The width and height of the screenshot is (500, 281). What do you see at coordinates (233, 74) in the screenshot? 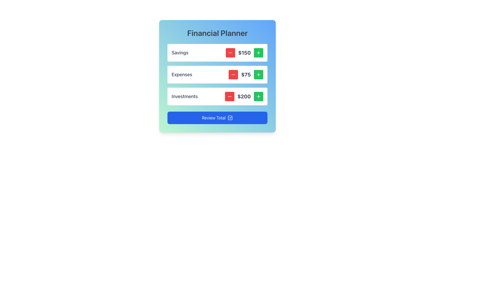
I see `the icon button with a minus symbol to decrement the value of the associated 'Expenses' field by one unit` at bounding box center [233, 74].